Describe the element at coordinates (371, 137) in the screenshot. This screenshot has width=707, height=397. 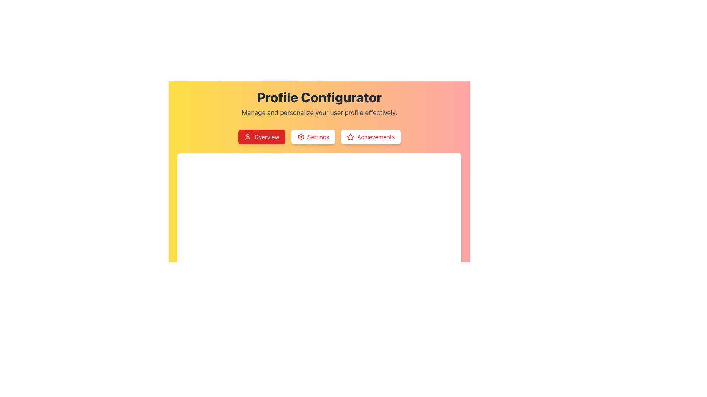
I see `the 'Achievements' button located in the horizontal menu below the 'Profile Configurator' heading` at that location.